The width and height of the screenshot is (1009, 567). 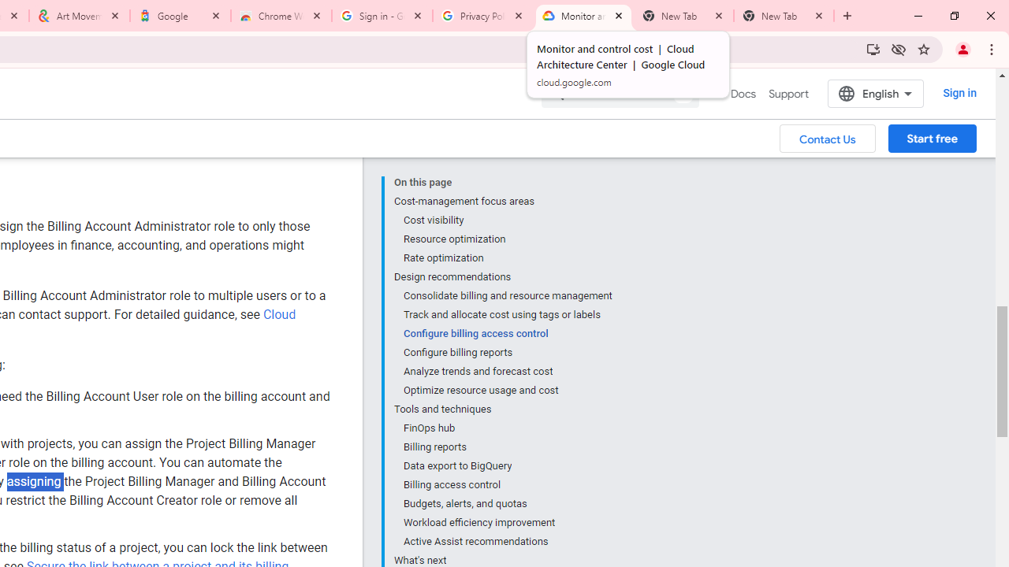 I want to click on 'Configure billing access control', so click(x=507, y=333).